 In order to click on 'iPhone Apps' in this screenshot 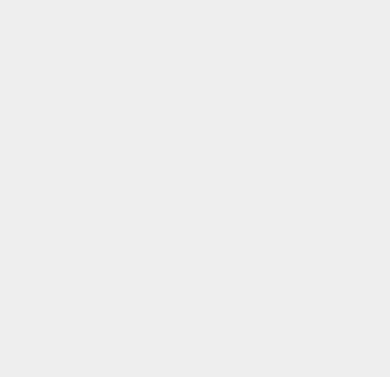, I will do `click(289, 357)`.